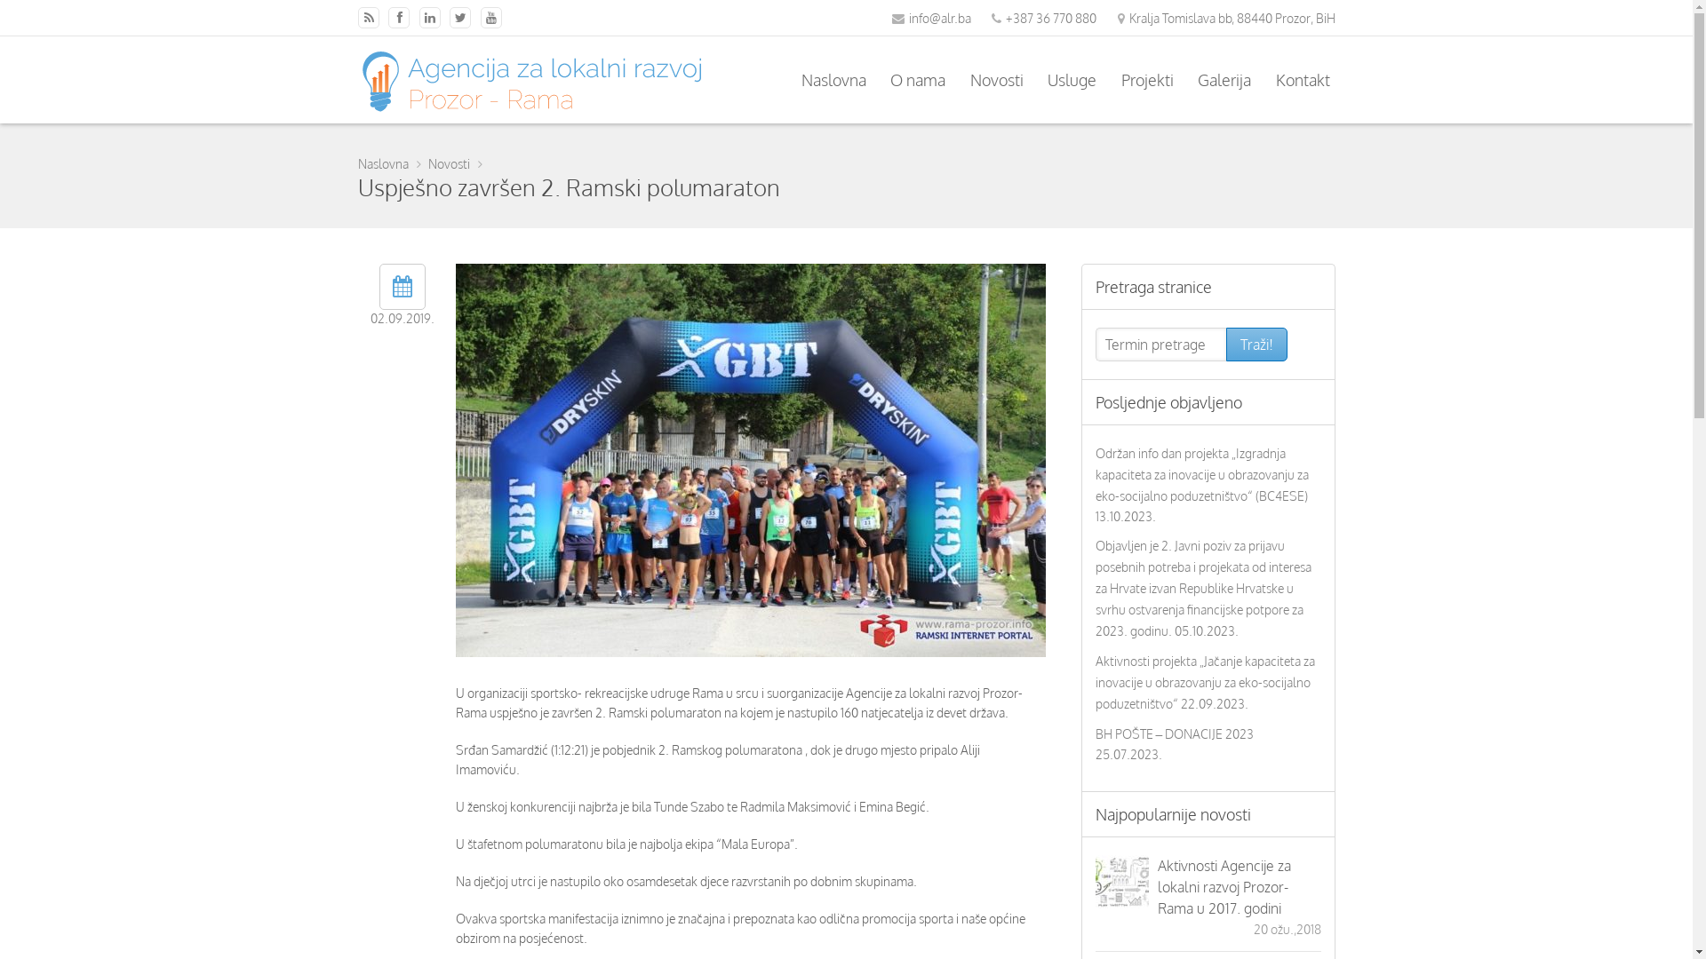 This screenshot has height=959, width=1706. I want to click on 'Naslovna', so click(833, 78).